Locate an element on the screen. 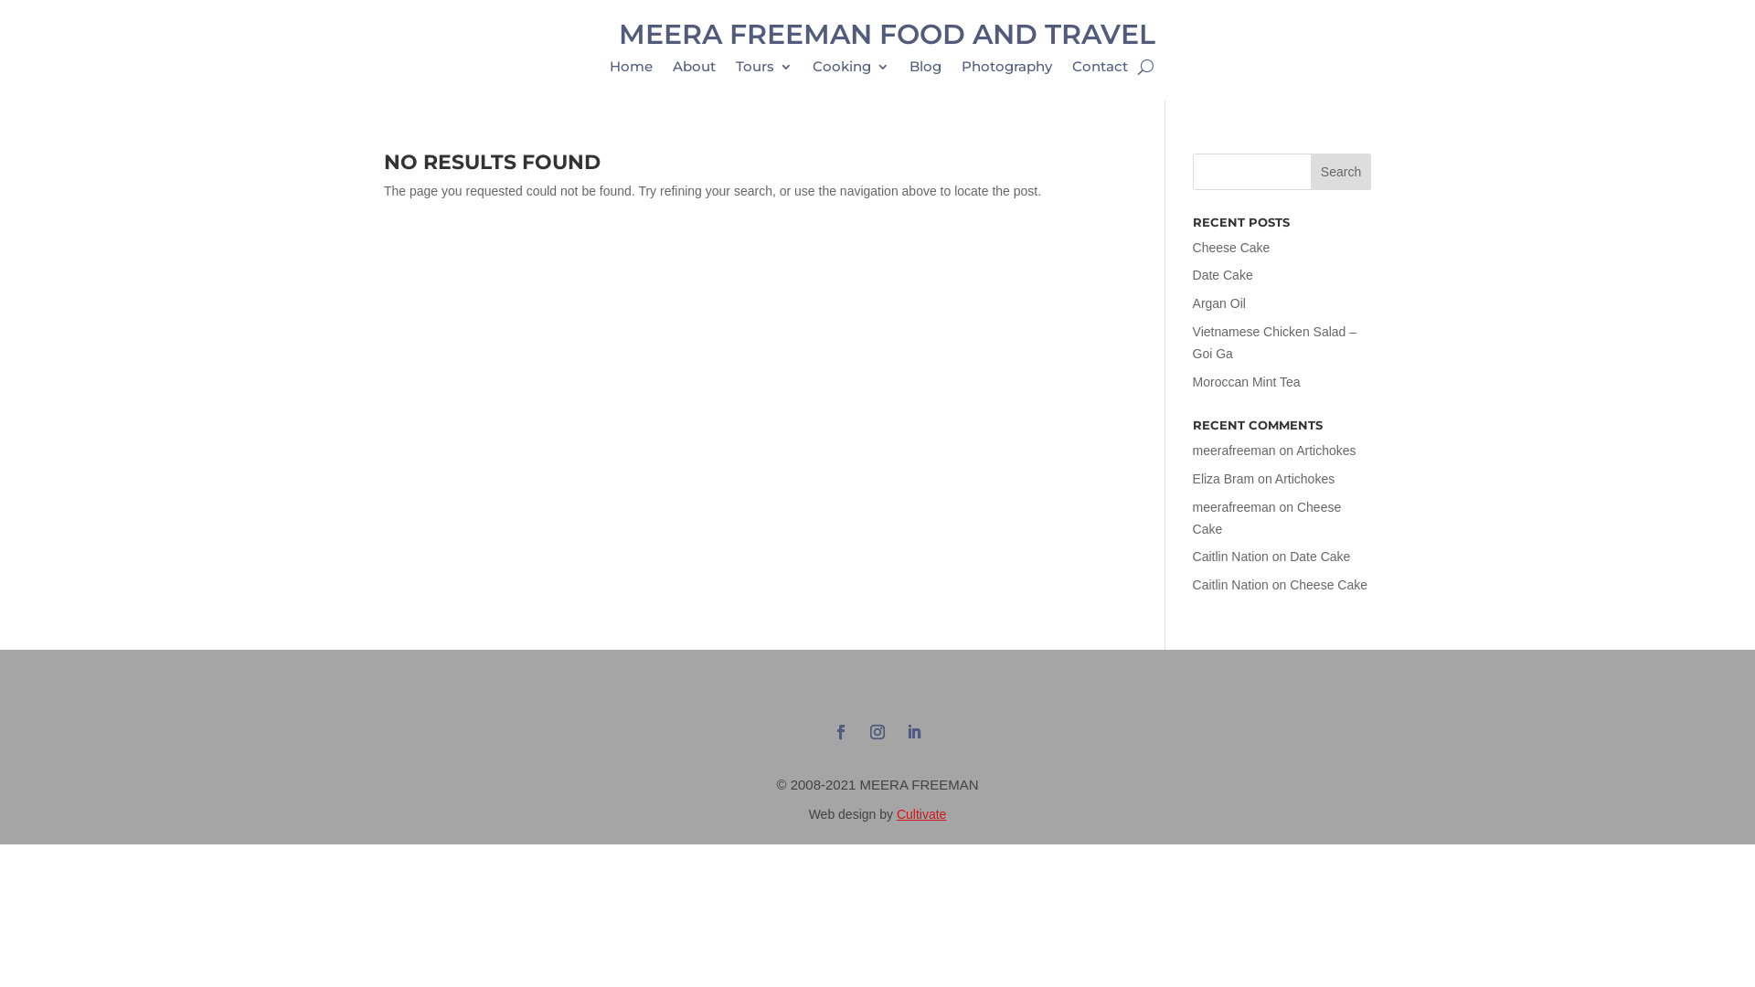 This screenshot has width=1755, height=987. 'Follow on Instagram' is located at coordinates (862, 731).